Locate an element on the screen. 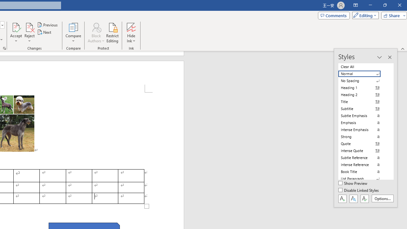 The width and height of the screenshot is (407, 229). 'Book Title' is located at coordinates (363, 172).